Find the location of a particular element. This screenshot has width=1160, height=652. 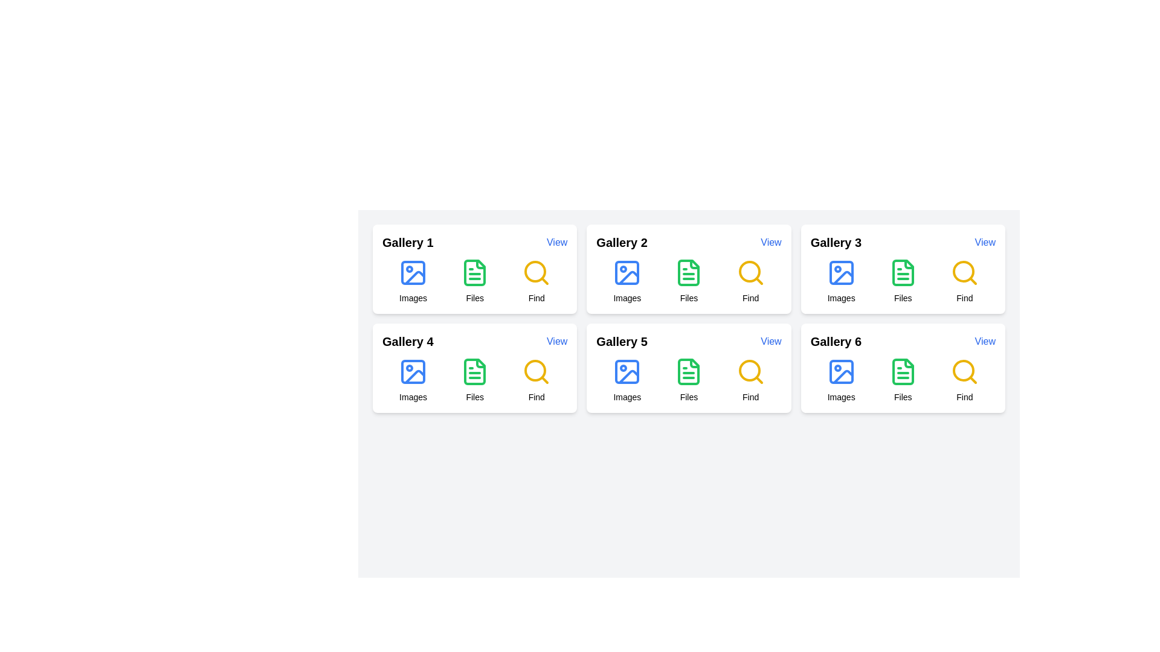

the handle of the magnifying glass in the search icon located within the 'Find' button in the fifth gallery box is located at coordinates (544, 379).